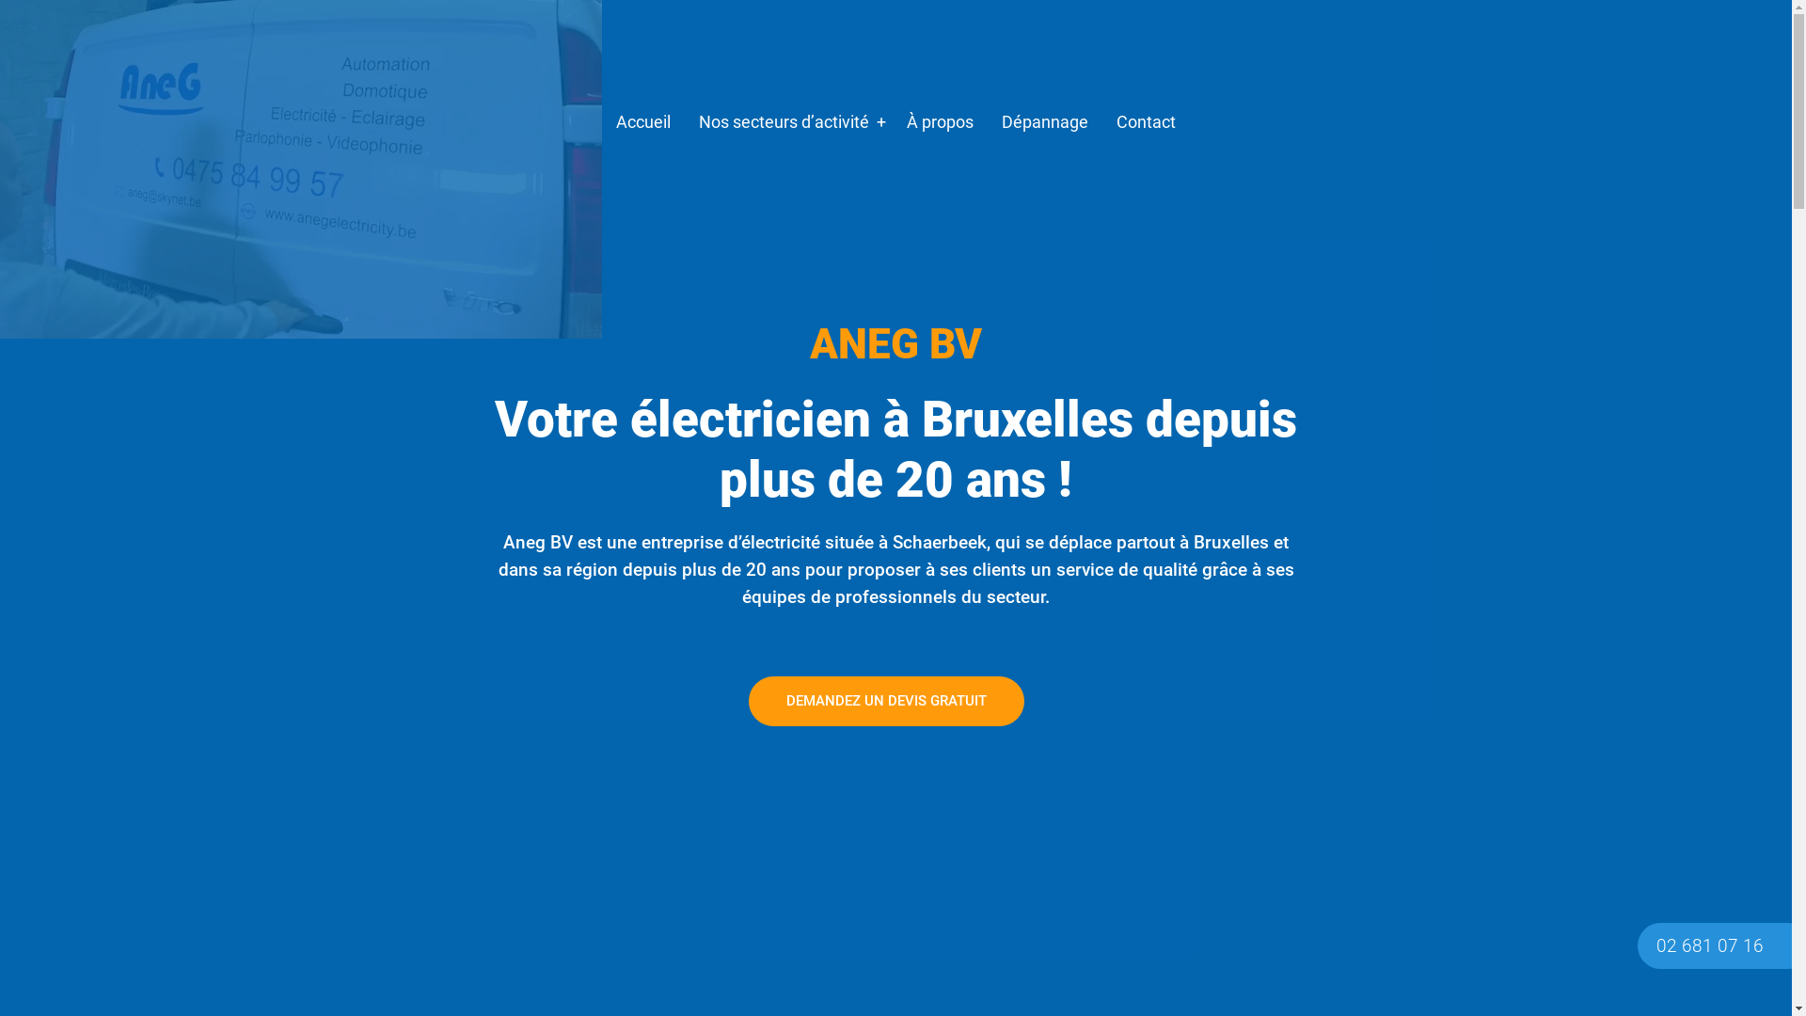  I want to click on 'Accueil', so click(600, 122).